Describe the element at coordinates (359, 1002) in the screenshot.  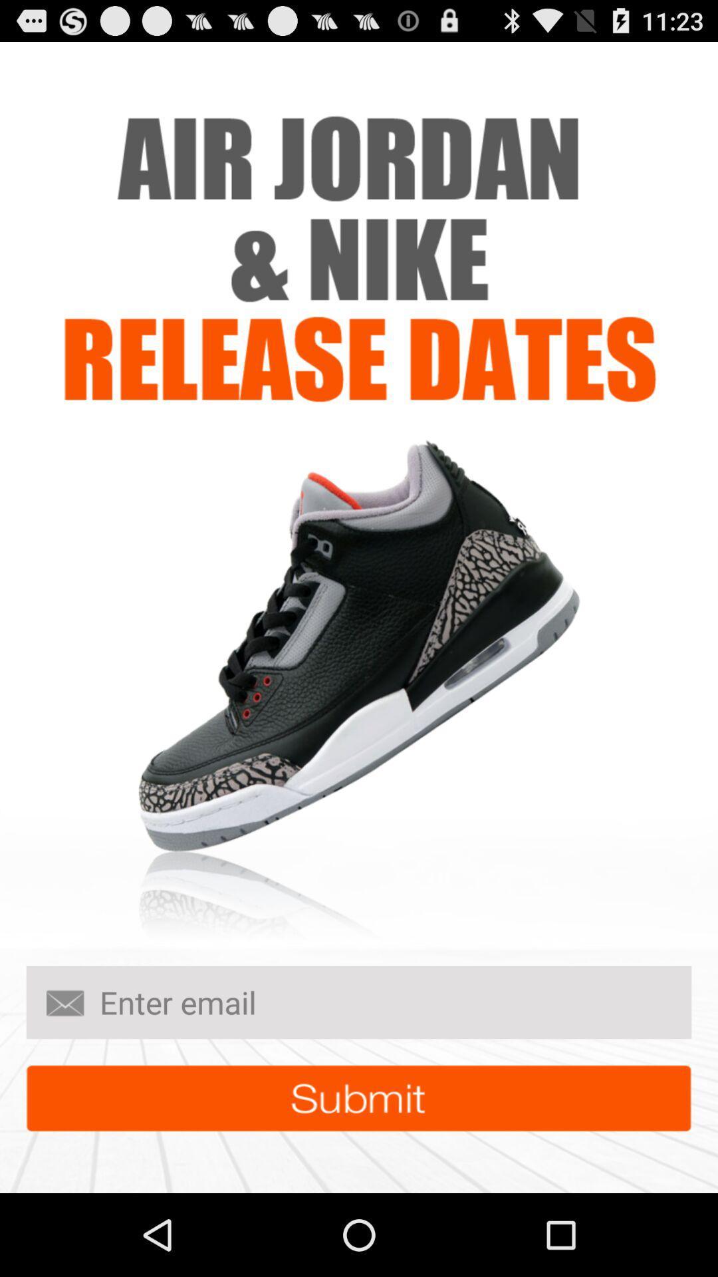
I see `email the option` at that location.